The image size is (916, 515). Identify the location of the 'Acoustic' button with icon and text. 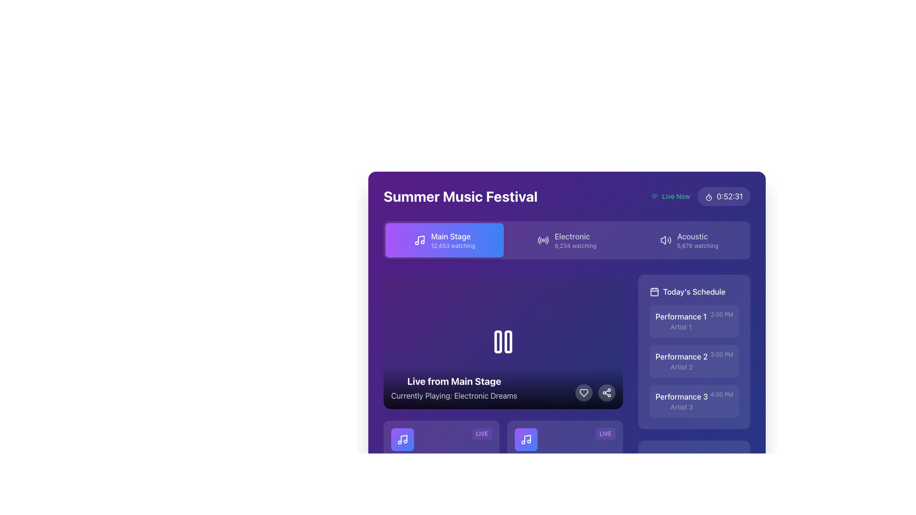
(689, 240).